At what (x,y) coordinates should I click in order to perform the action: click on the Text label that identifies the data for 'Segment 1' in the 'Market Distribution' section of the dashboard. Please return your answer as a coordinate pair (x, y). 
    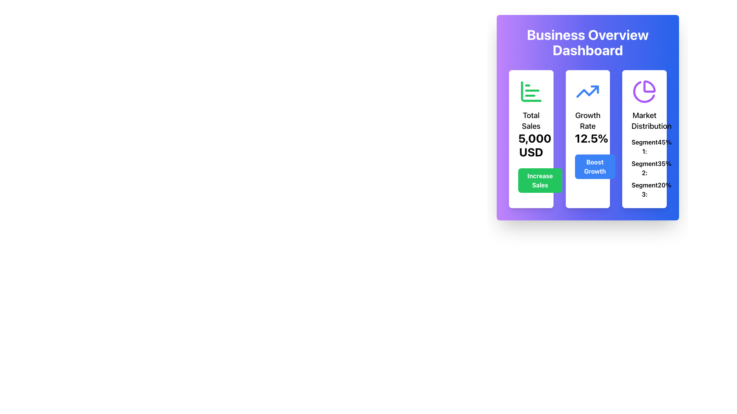
    Looking at the image, I should click on (644, 146).